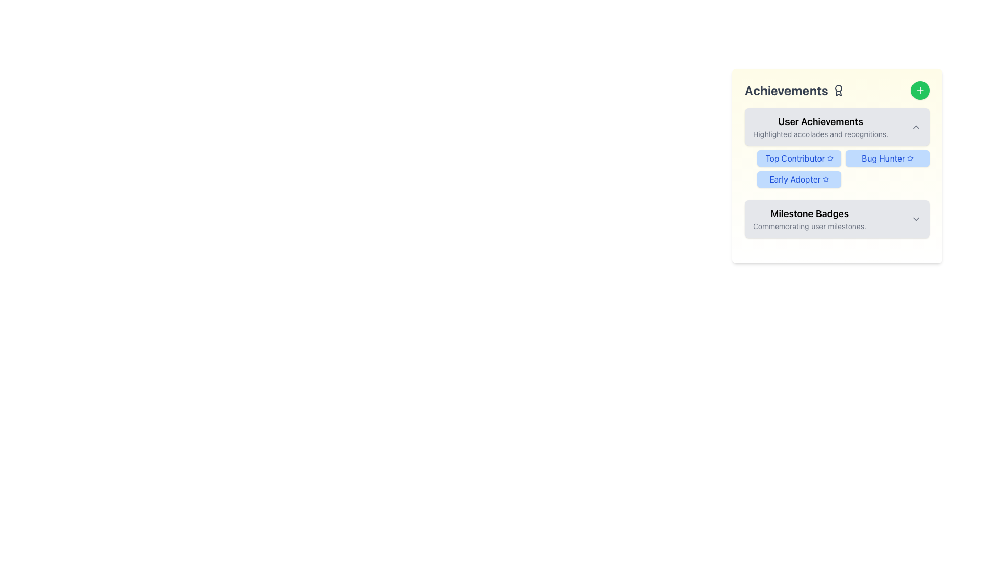 This screenshot has height=565, width=1004. Describe the element at coordinates (920, 90) in the screenshot. I see `the action button for adding new achievements, located at the far right of the 'Achievements' header` at that location.